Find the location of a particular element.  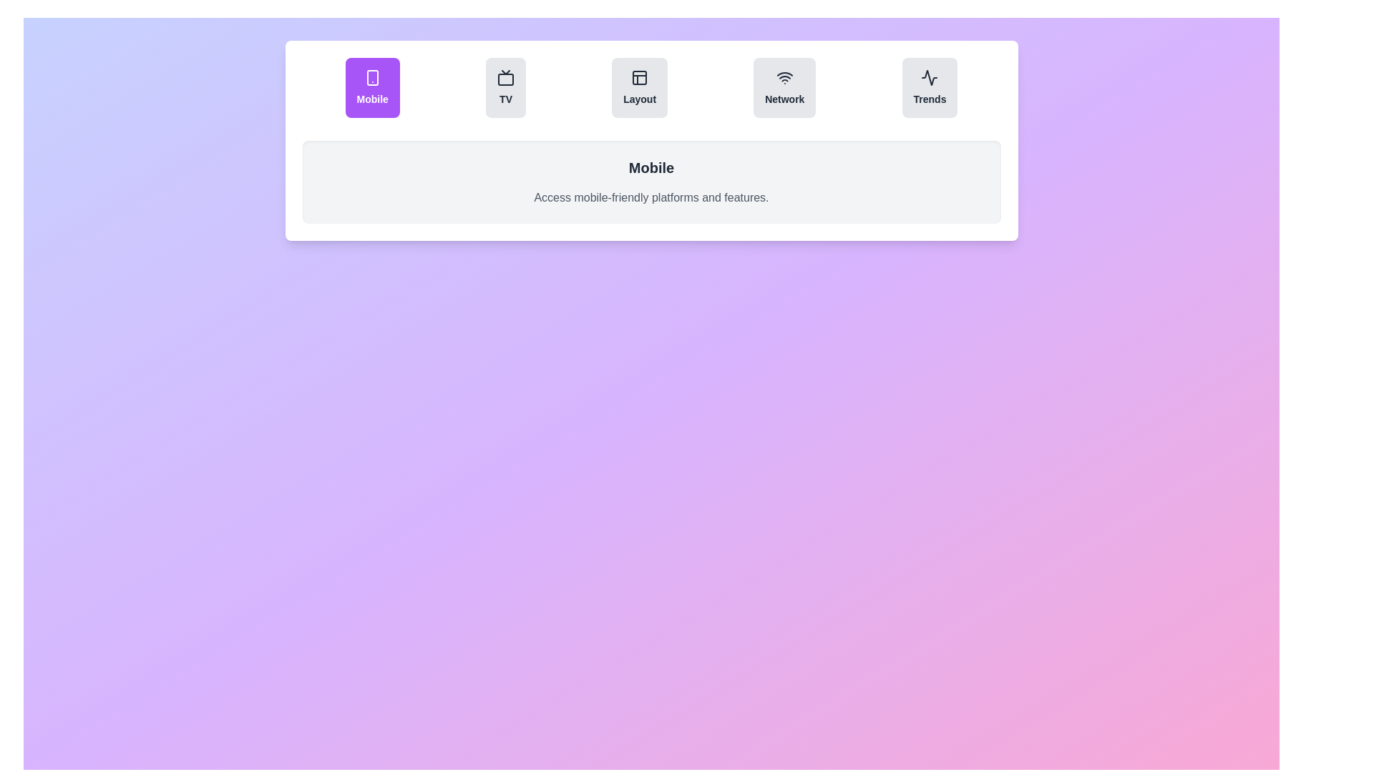

the 'Trends' button, which is the fifth button in a horizontal row with a light gray background and dark gray text is located at coordinates (930, 88).